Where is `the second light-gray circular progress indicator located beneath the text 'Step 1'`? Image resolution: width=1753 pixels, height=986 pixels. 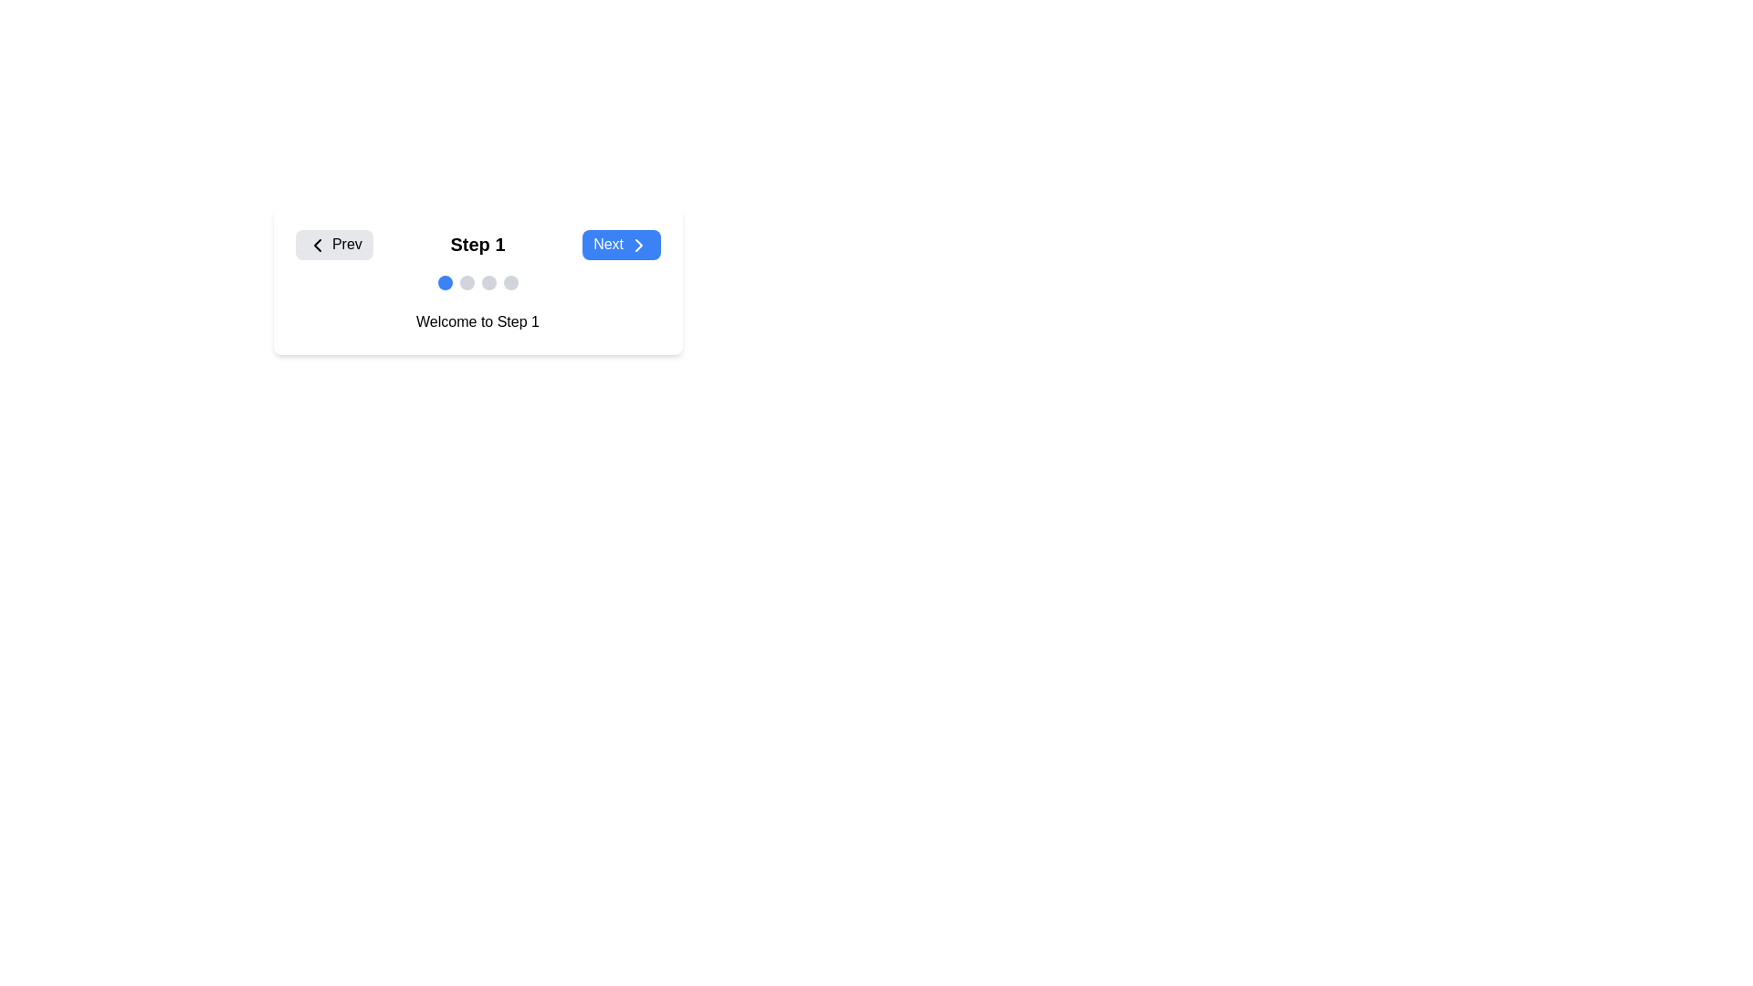
the second light-gray circular progress indicator located beneath the text 'Step 1' is located at coordinates (467, 282).